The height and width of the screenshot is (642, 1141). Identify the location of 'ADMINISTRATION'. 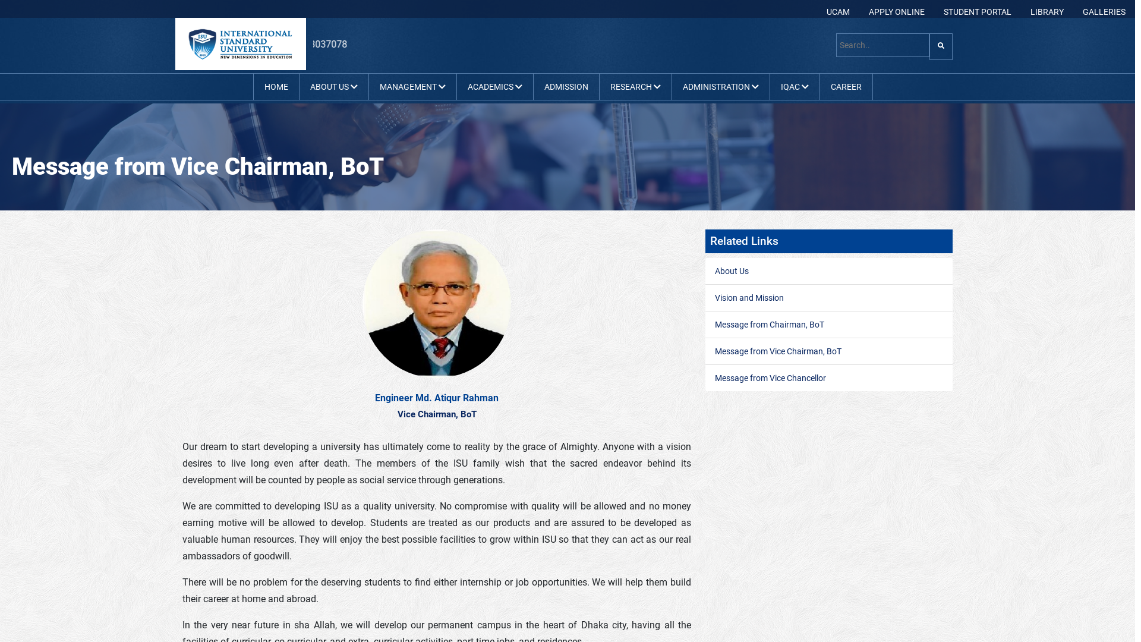
(719, 86).